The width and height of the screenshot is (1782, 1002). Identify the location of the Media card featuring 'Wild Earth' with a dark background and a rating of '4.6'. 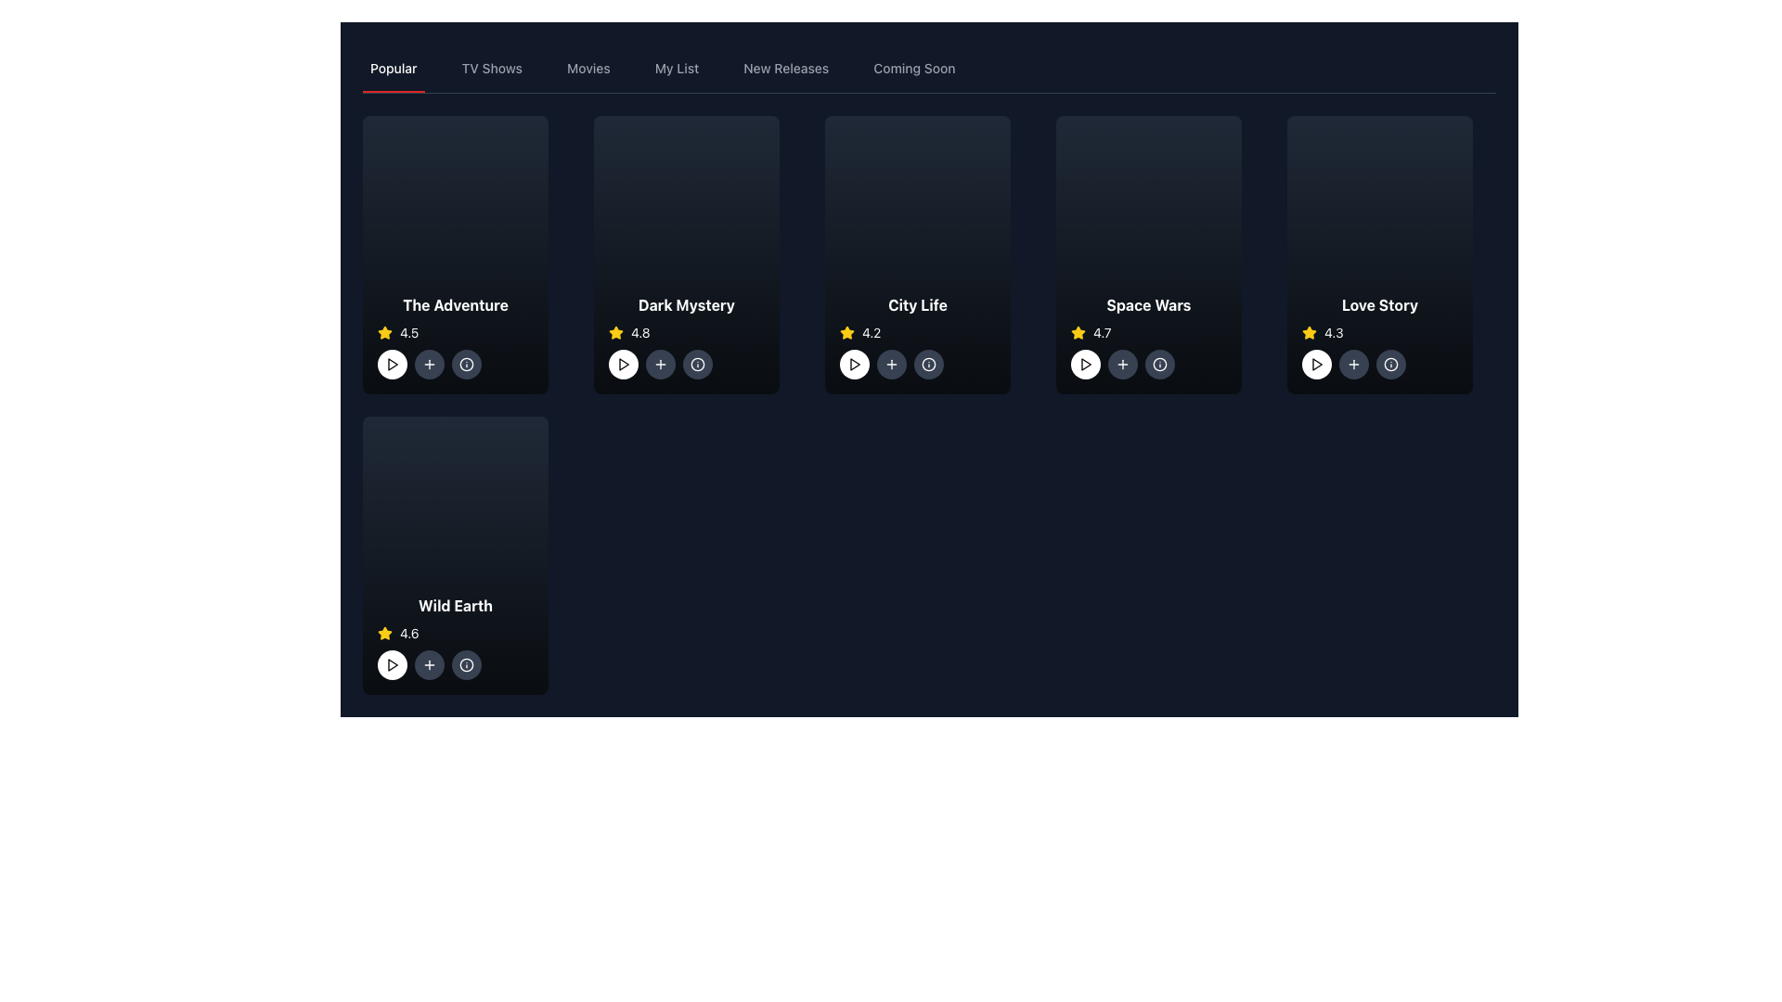
(455, 554).